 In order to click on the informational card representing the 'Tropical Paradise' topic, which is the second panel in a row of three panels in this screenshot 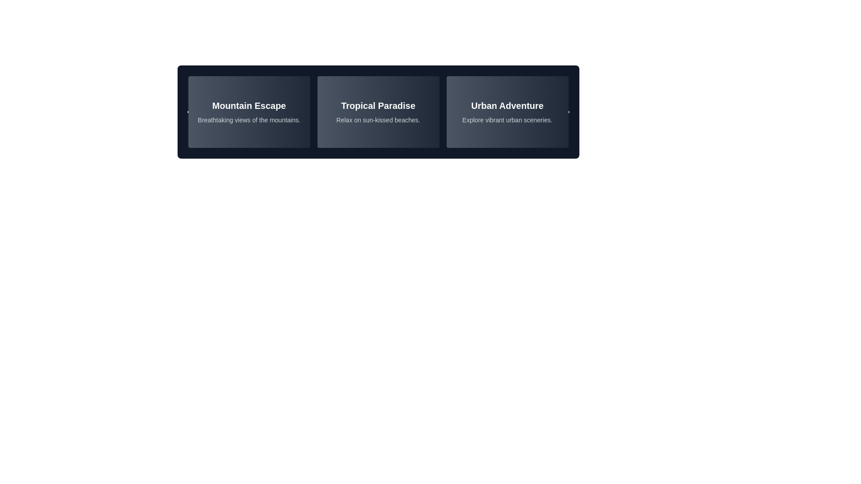, I will do `click(378, 112)`.